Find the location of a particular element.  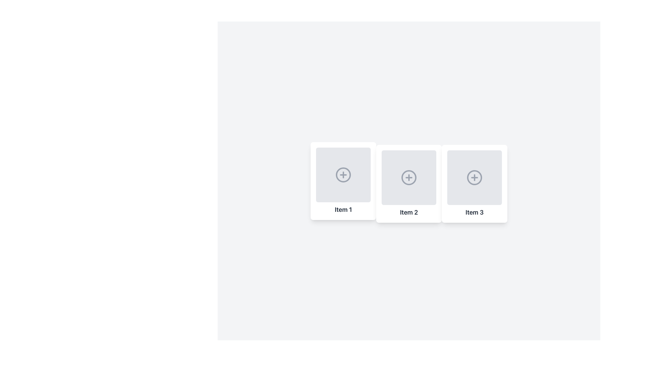

the static label displaying text information at the bottom of the first card in a horizontal array of components is located at coordinates (343, 209).